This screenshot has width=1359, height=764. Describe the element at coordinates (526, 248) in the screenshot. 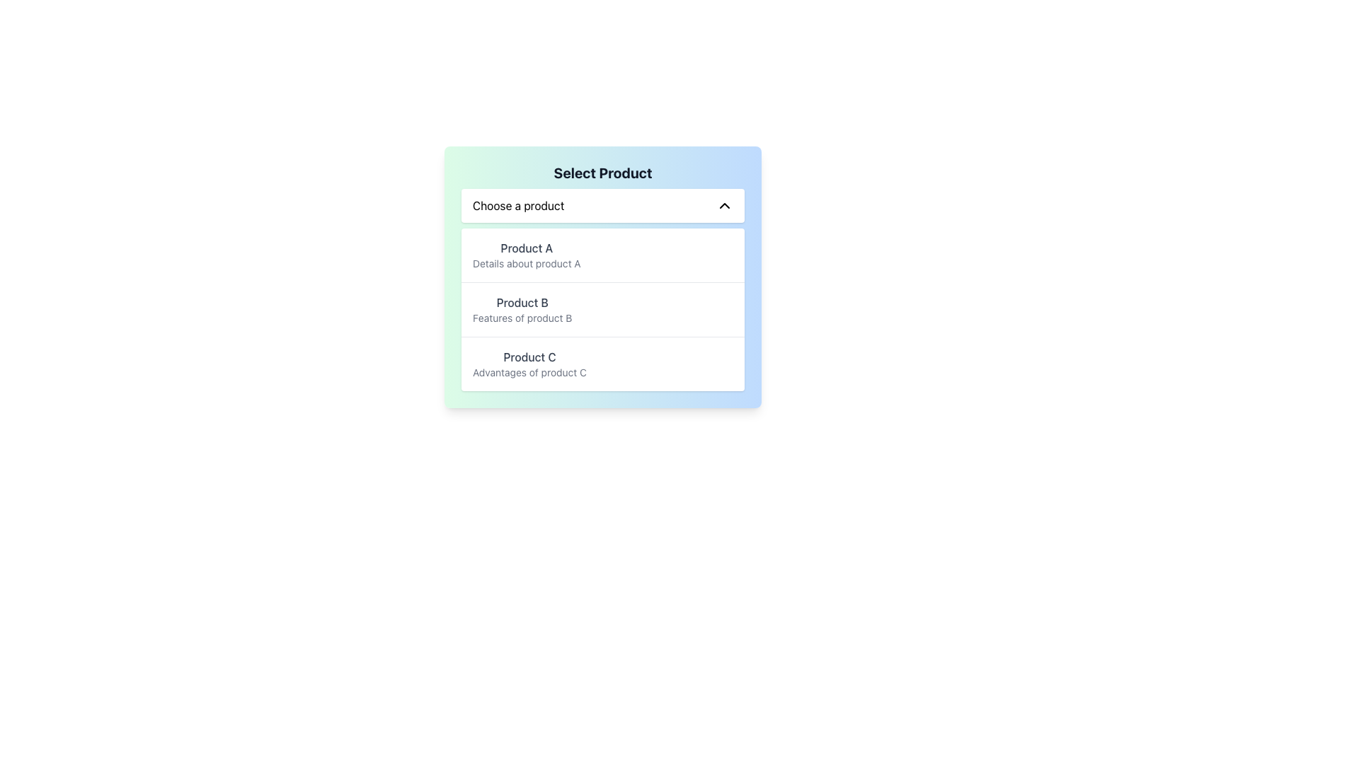

I see `the text label displaying 'Product A' in the dropdown menu under 'Choose a product', which is the main title of the first product option` at that location.